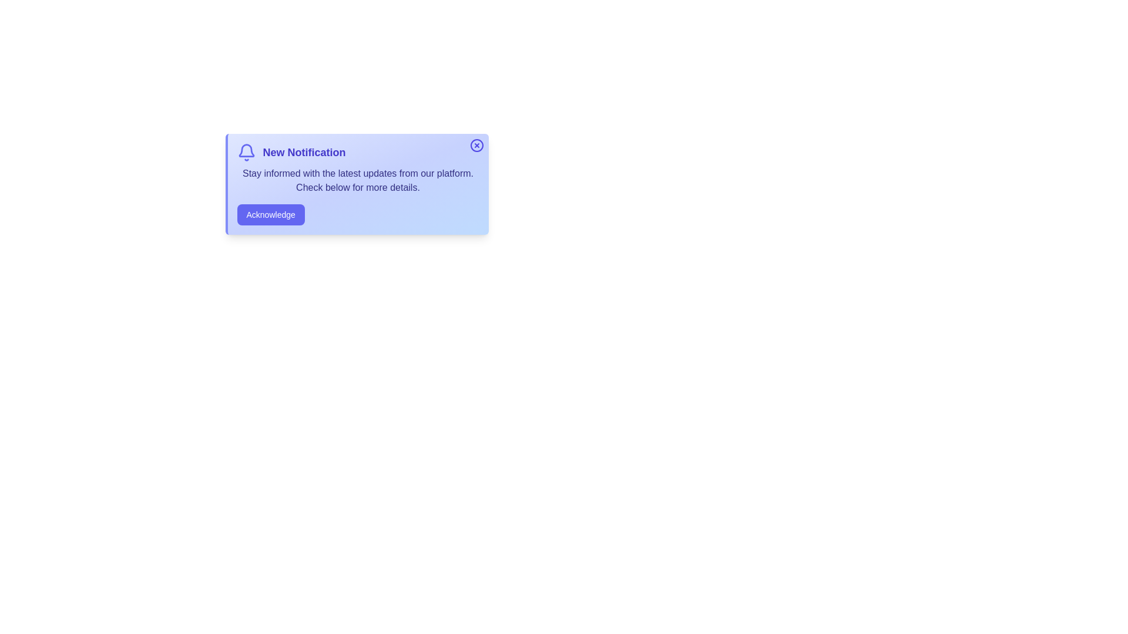 Image resolution: width=1128 pixels, height=634 pixels. I want to click on the 'Bell' icon to interact with it, so click(246, 151).